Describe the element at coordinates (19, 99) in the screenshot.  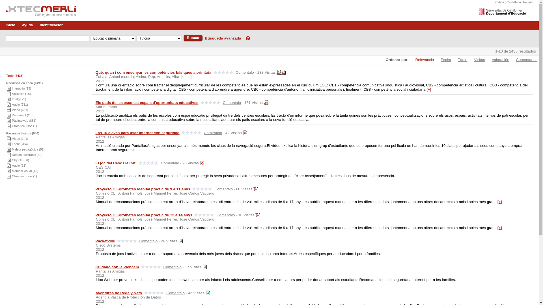
I see `'Imatge (5)'` at that location.